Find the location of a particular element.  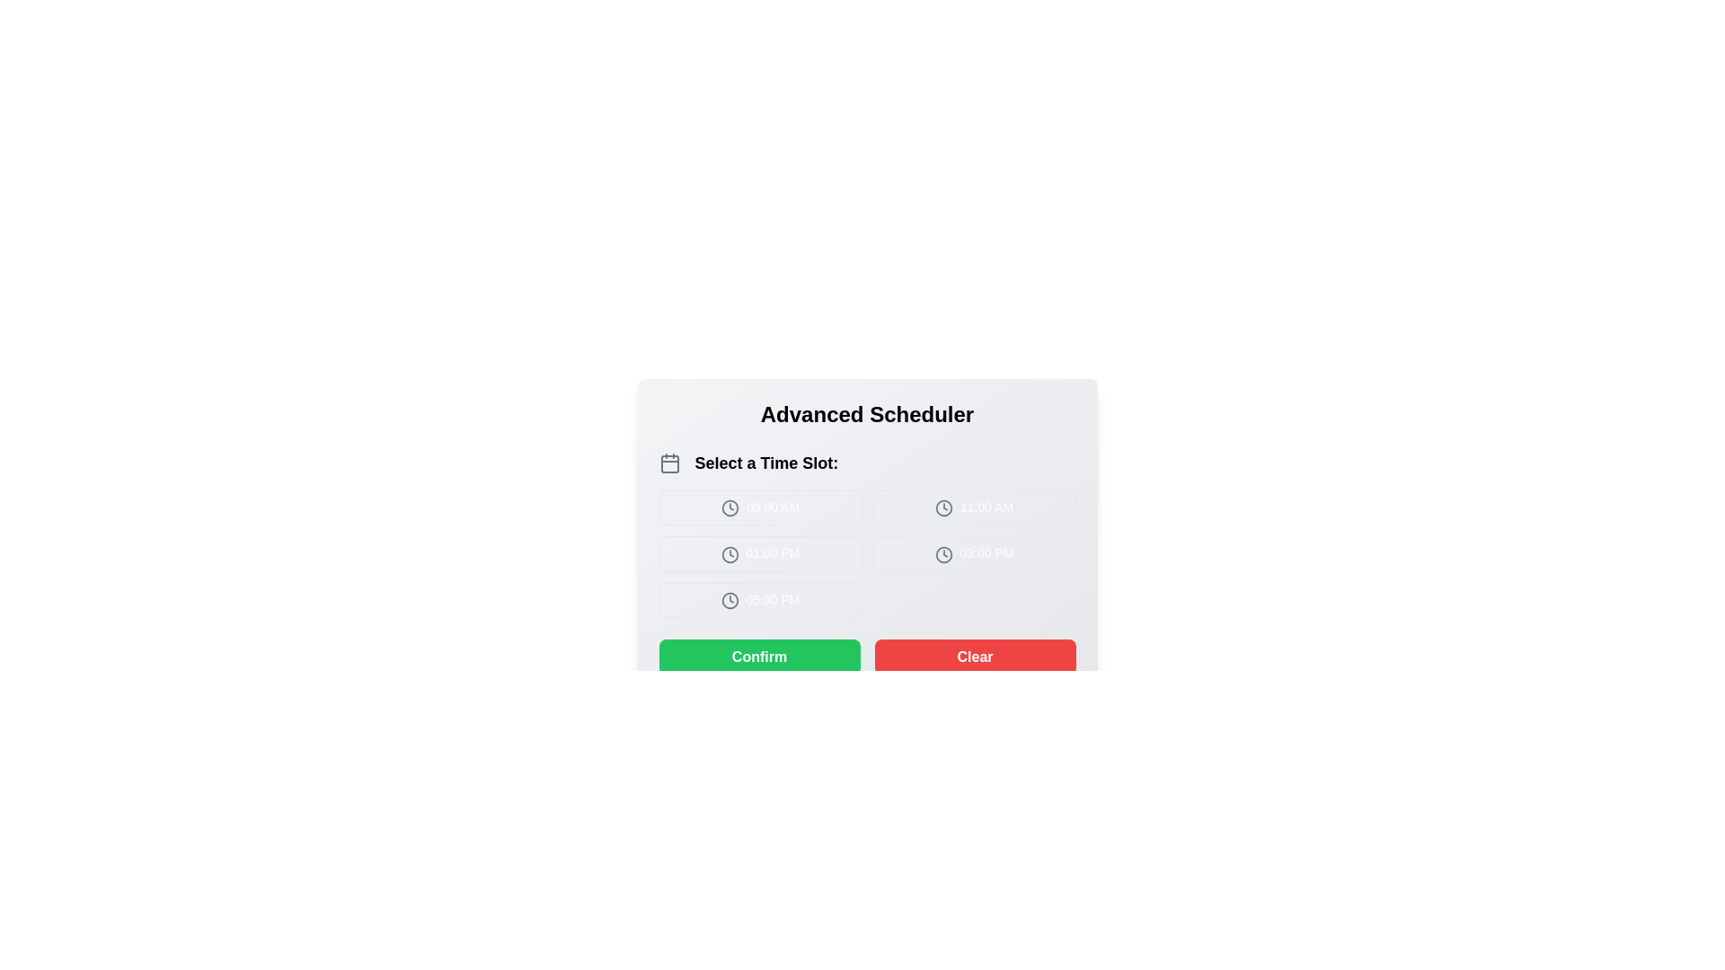

the graphical component of the clock icon representing '05:00 PM', which is located near the bottom row of time options in the interface is located at coordinates (730, 600).